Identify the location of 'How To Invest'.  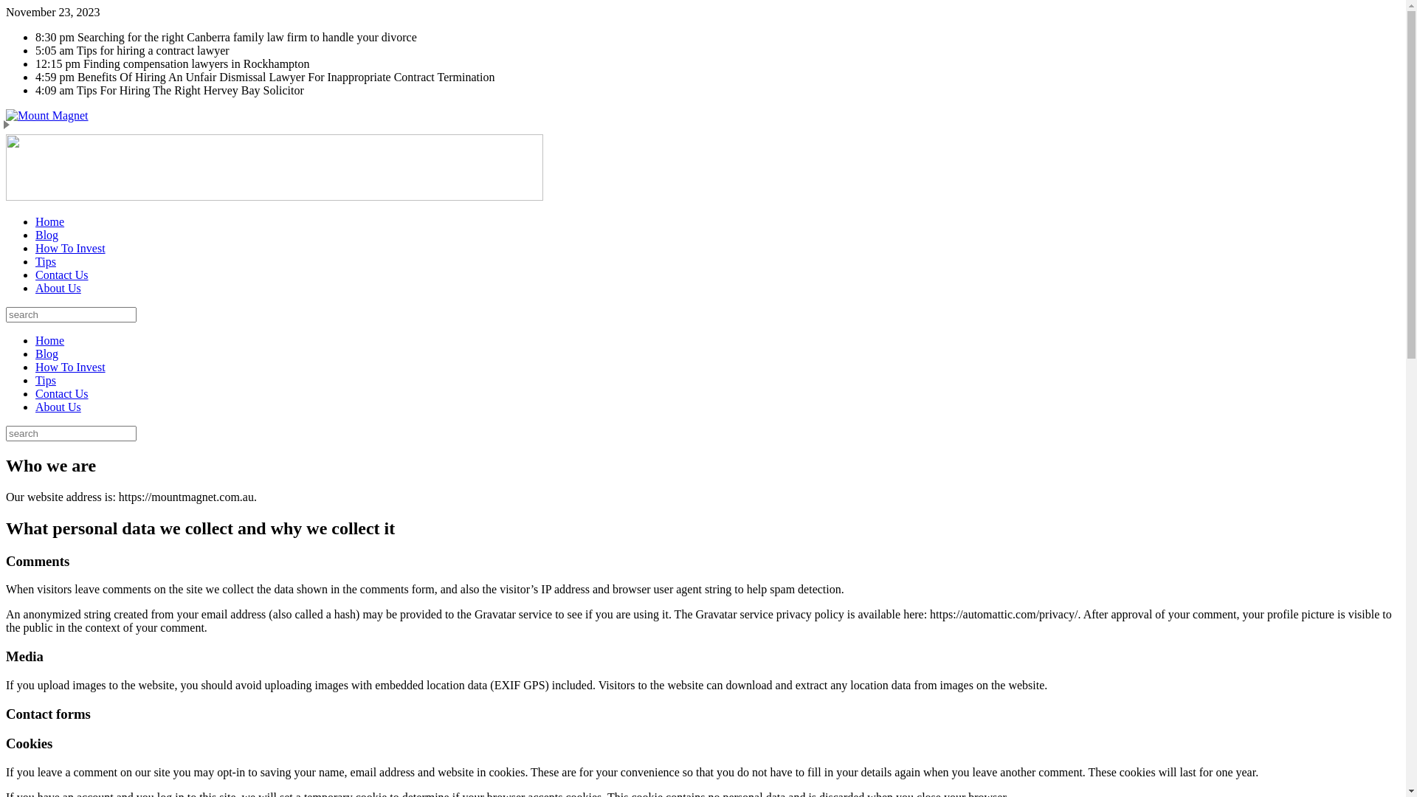
(69, 247).